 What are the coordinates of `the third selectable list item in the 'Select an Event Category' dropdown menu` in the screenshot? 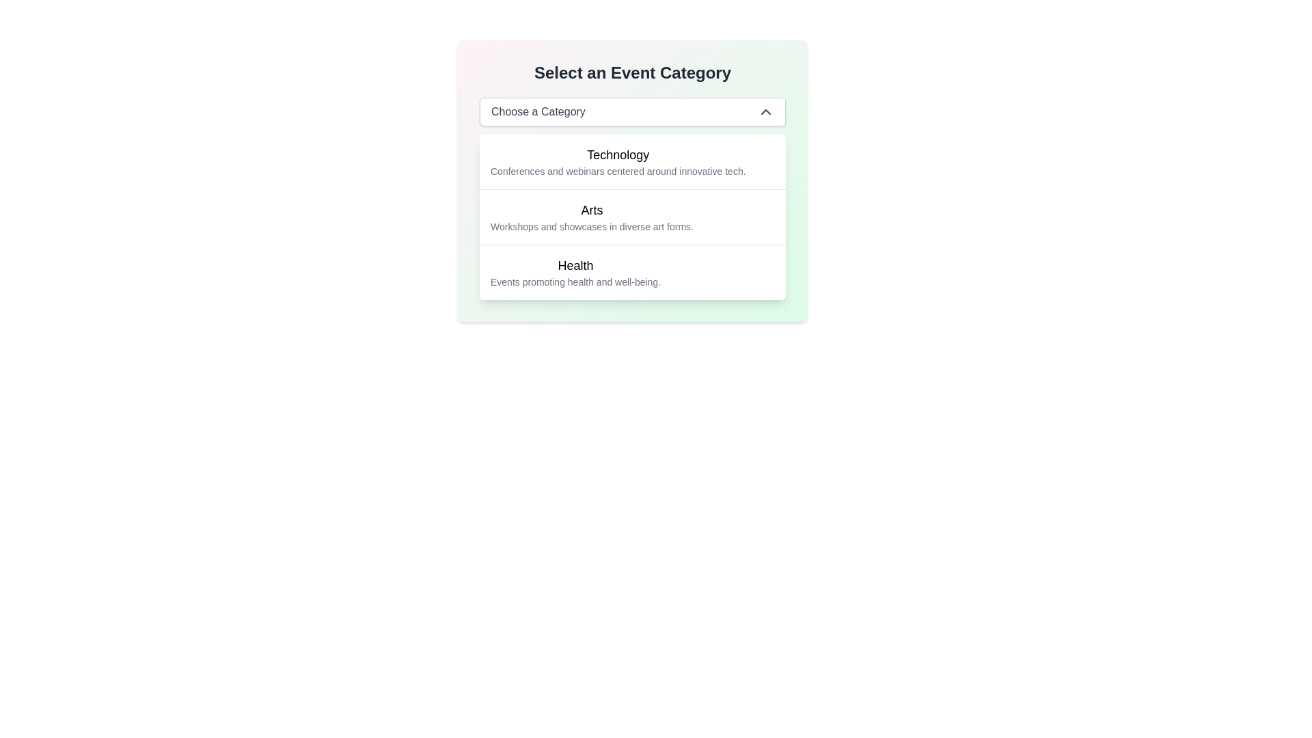 It's located at (632, 272).